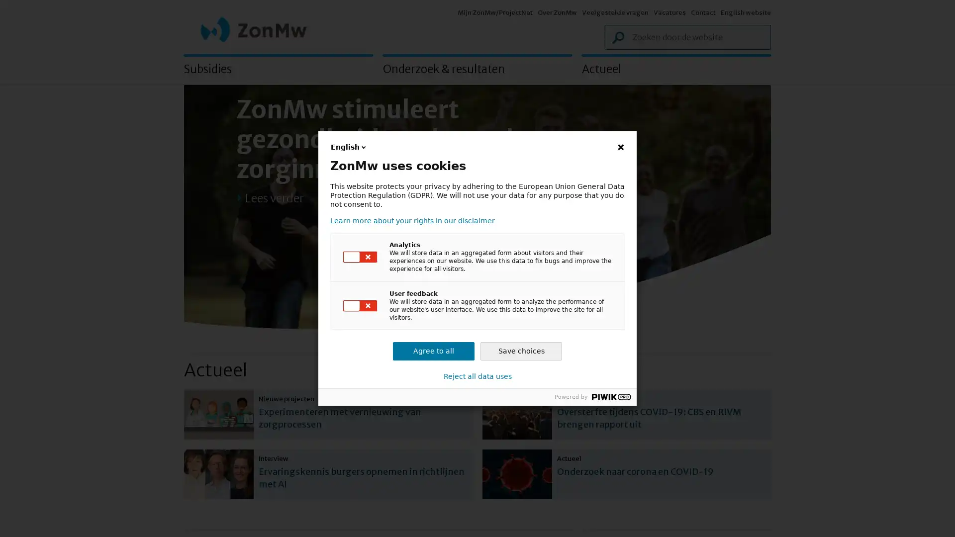  What do you see at coordinates (595, 37) in the screenshot?
I see `Zoek` at bounding box center [595, 37].